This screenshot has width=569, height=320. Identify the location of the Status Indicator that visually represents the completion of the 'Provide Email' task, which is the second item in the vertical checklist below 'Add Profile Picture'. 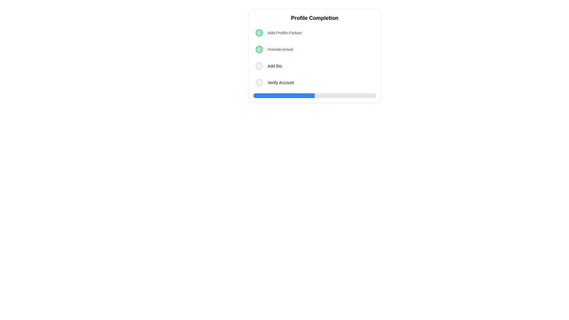
(259, 49).